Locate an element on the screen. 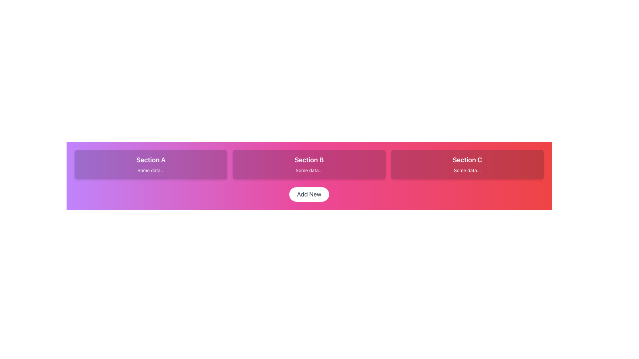  the 'Add New' button, which is a white rounded rectangular button with black text, located below the sections labeled 'Section A', 'Section B', and 'Section C' is located at coordinates (309, 194).